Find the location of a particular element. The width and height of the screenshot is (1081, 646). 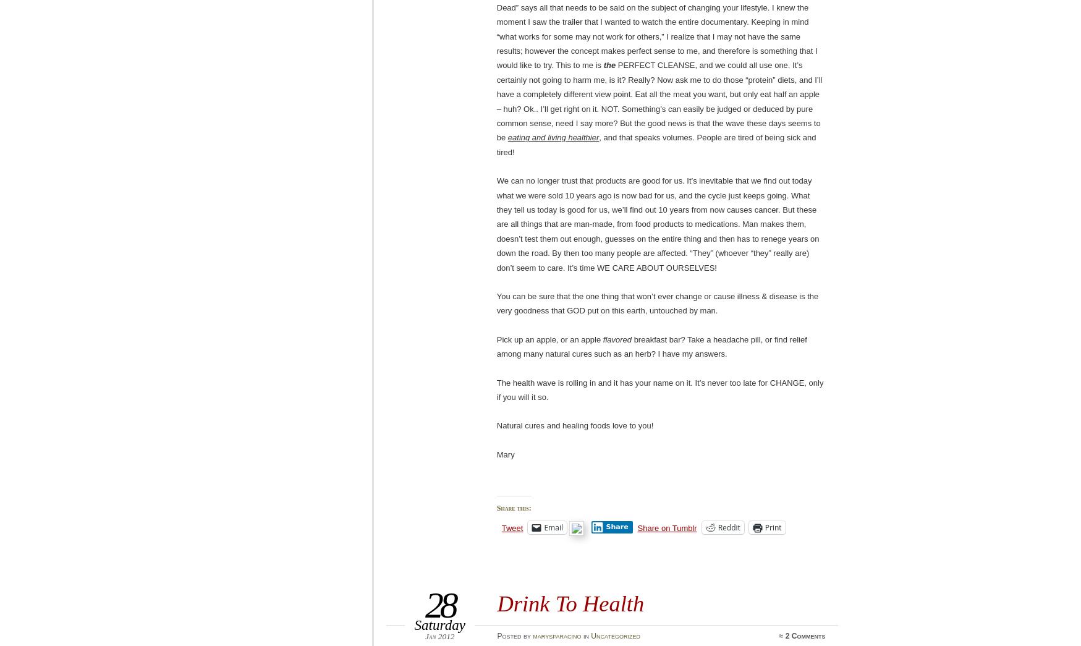

'Posted' is located at coordinates (509, 636).